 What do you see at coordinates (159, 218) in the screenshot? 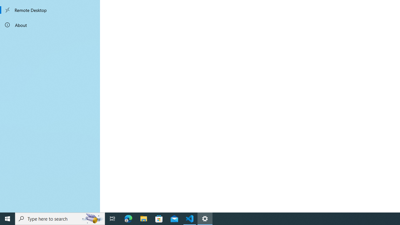
I see `'Microsoft Store'` at bounding box center [159, 218].